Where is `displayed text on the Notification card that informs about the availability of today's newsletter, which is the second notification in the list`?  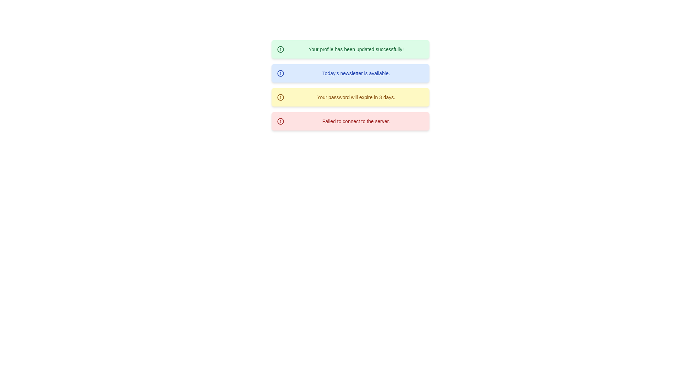
displayed text on the Notification card that informs about the availability of today's newsletter, which is the second notification in the list is located at coordinates (350, 73).